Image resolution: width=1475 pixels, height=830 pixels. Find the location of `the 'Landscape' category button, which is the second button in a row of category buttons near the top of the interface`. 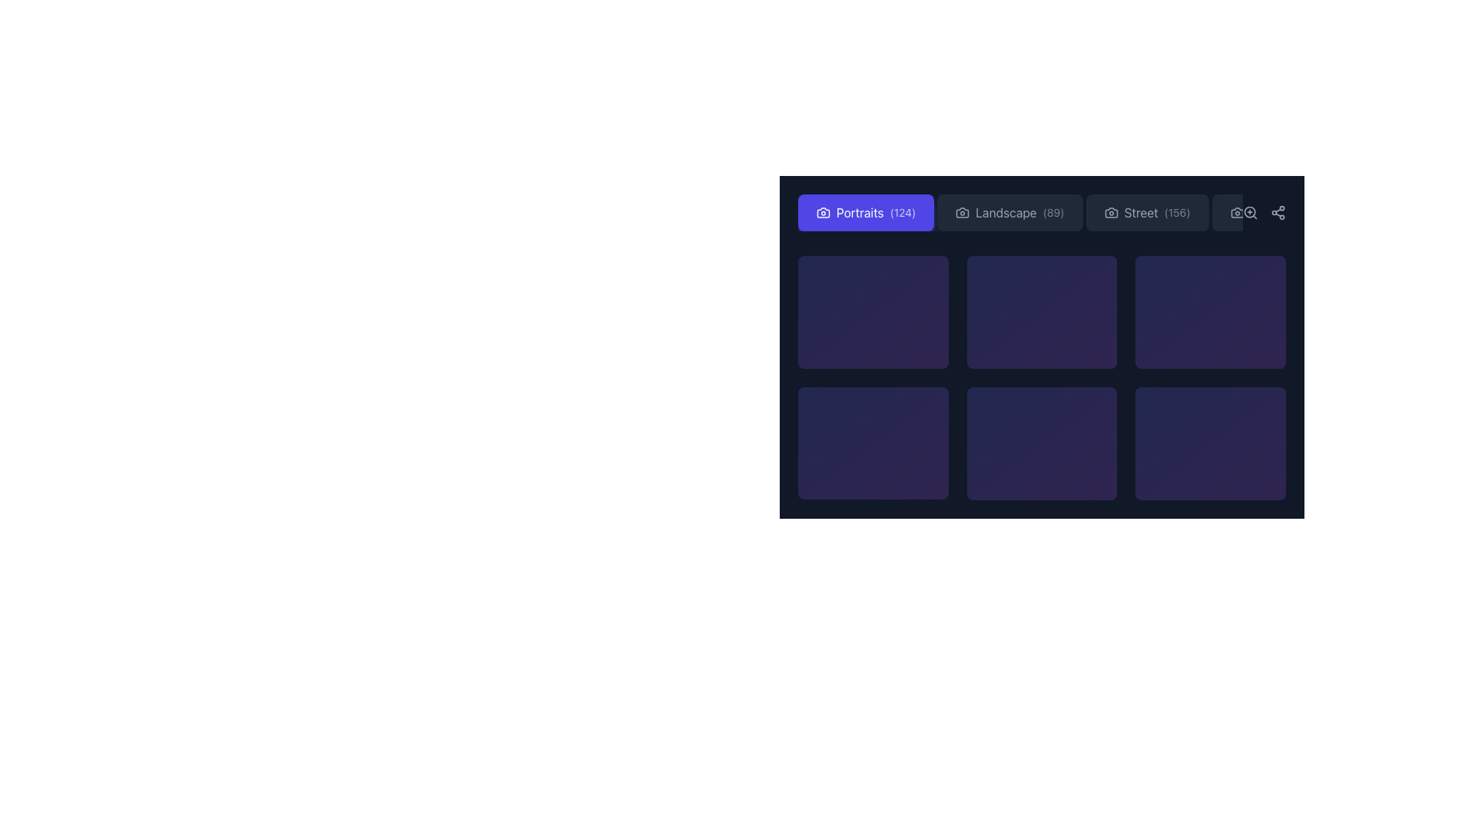

the 'Landscape' category button, which is the second button in a row of category buttons near the top of the interface is located at coordinates (1042, 213).